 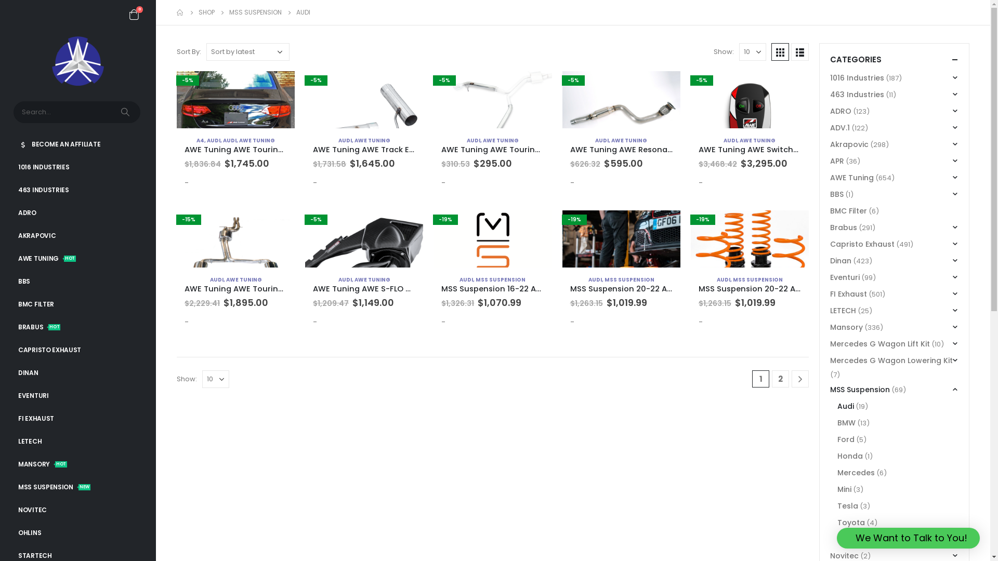 I want to click on 'OHLINS', so click(x=15, y=533).